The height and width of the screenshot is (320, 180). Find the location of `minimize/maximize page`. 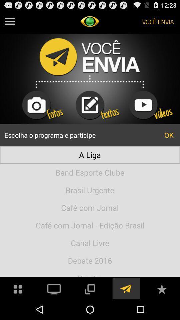

minimize/maximize page is located at coordinates (90, 288).